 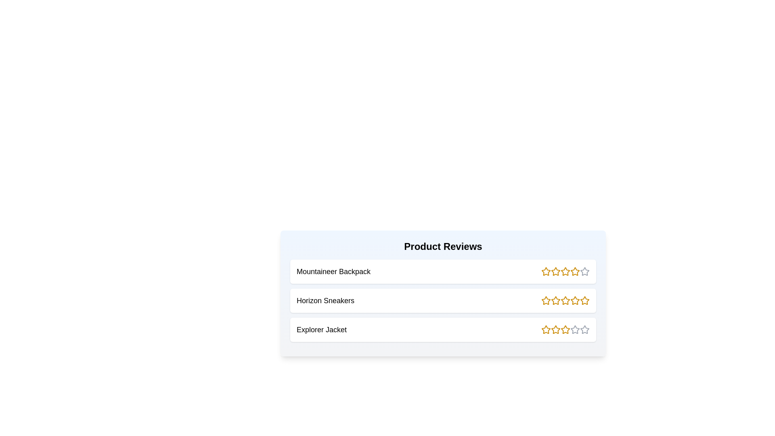 I want to click on the rating of a product to 2 stars by clicking the corresponding star icon for the product Mountaineer Backpack, so click(x=555, y=271).